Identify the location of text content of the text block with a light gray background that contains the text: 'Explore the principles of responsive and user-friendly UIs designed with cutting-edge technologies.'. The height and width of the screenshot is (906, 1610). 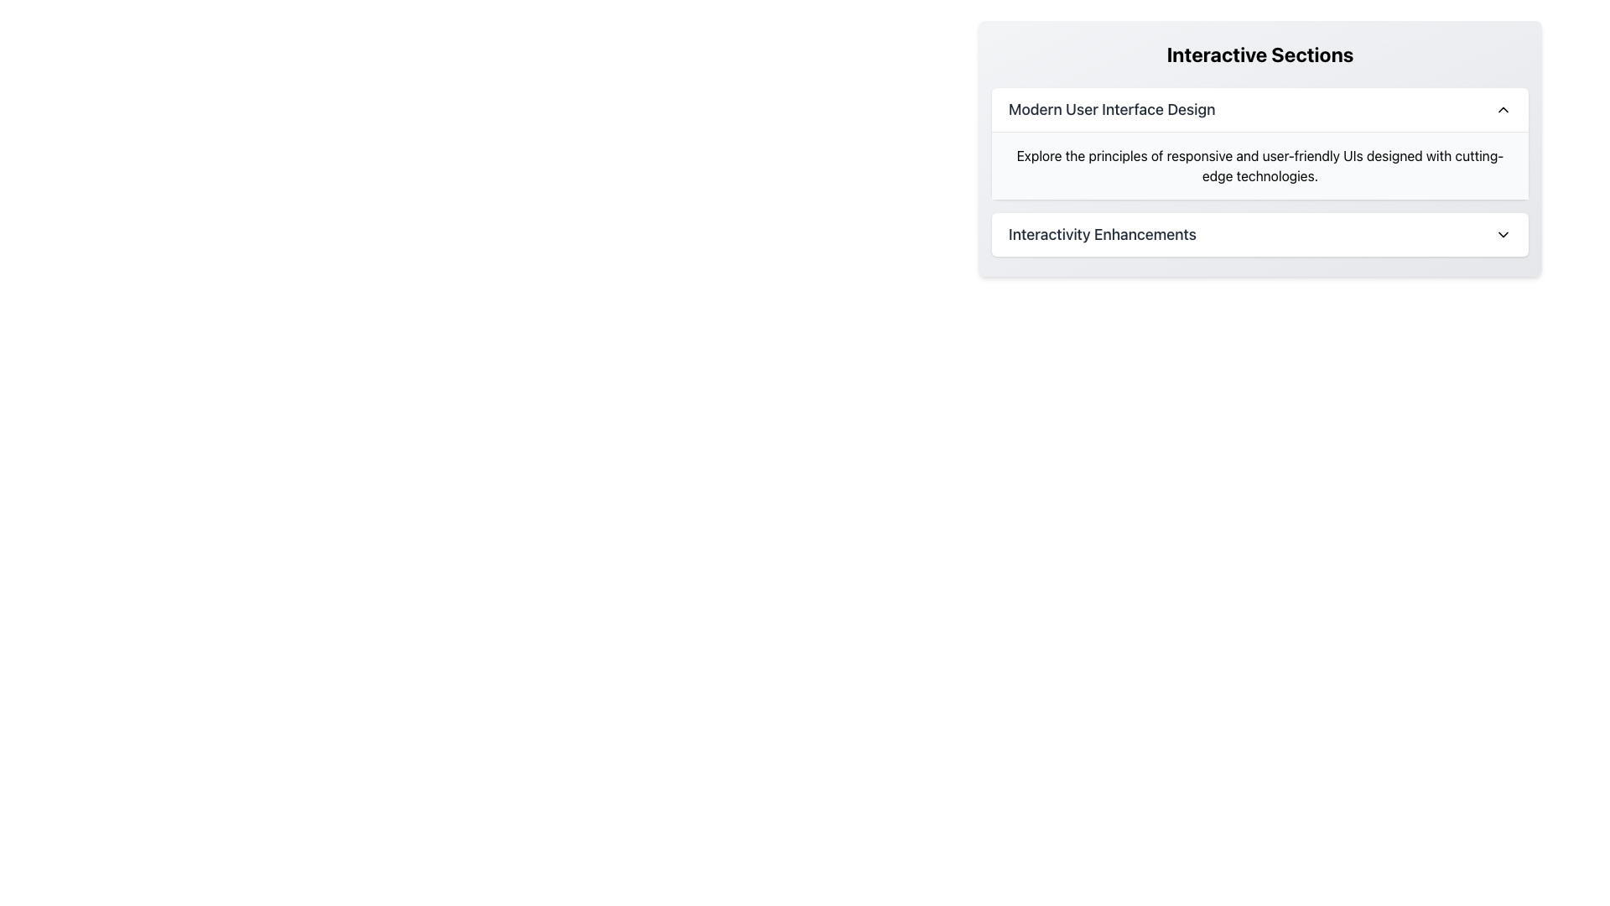
(1259, 165).